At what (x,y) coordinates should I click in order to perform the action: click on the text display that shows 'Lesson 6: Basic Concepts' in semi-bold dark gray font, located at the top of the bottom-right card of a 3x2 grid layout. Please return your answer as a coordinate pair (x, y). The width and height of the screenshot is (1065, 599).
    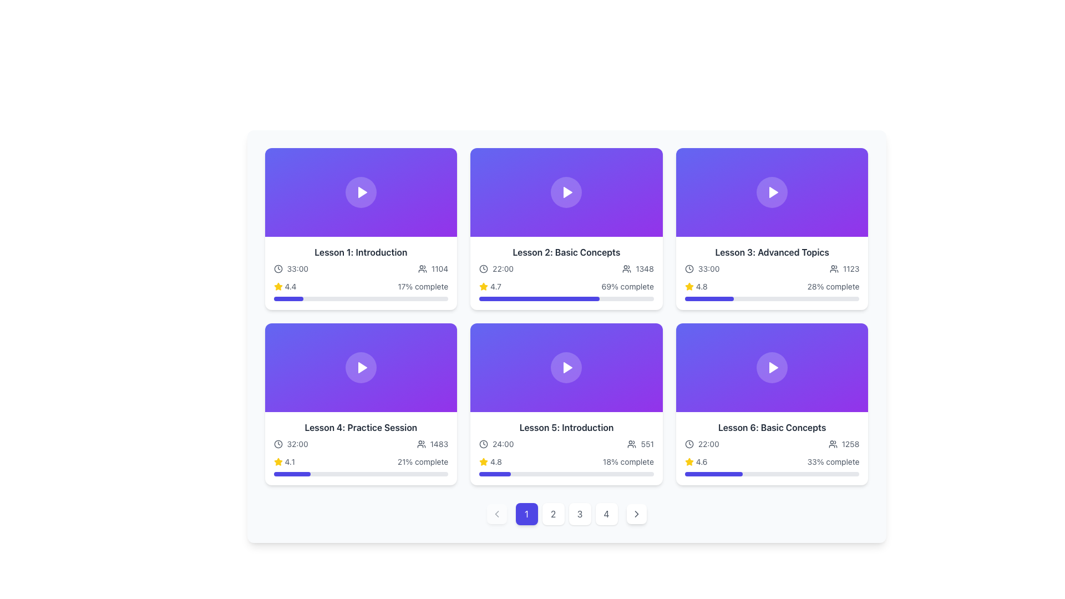
    Looking at the image, I should click on (772, 427).